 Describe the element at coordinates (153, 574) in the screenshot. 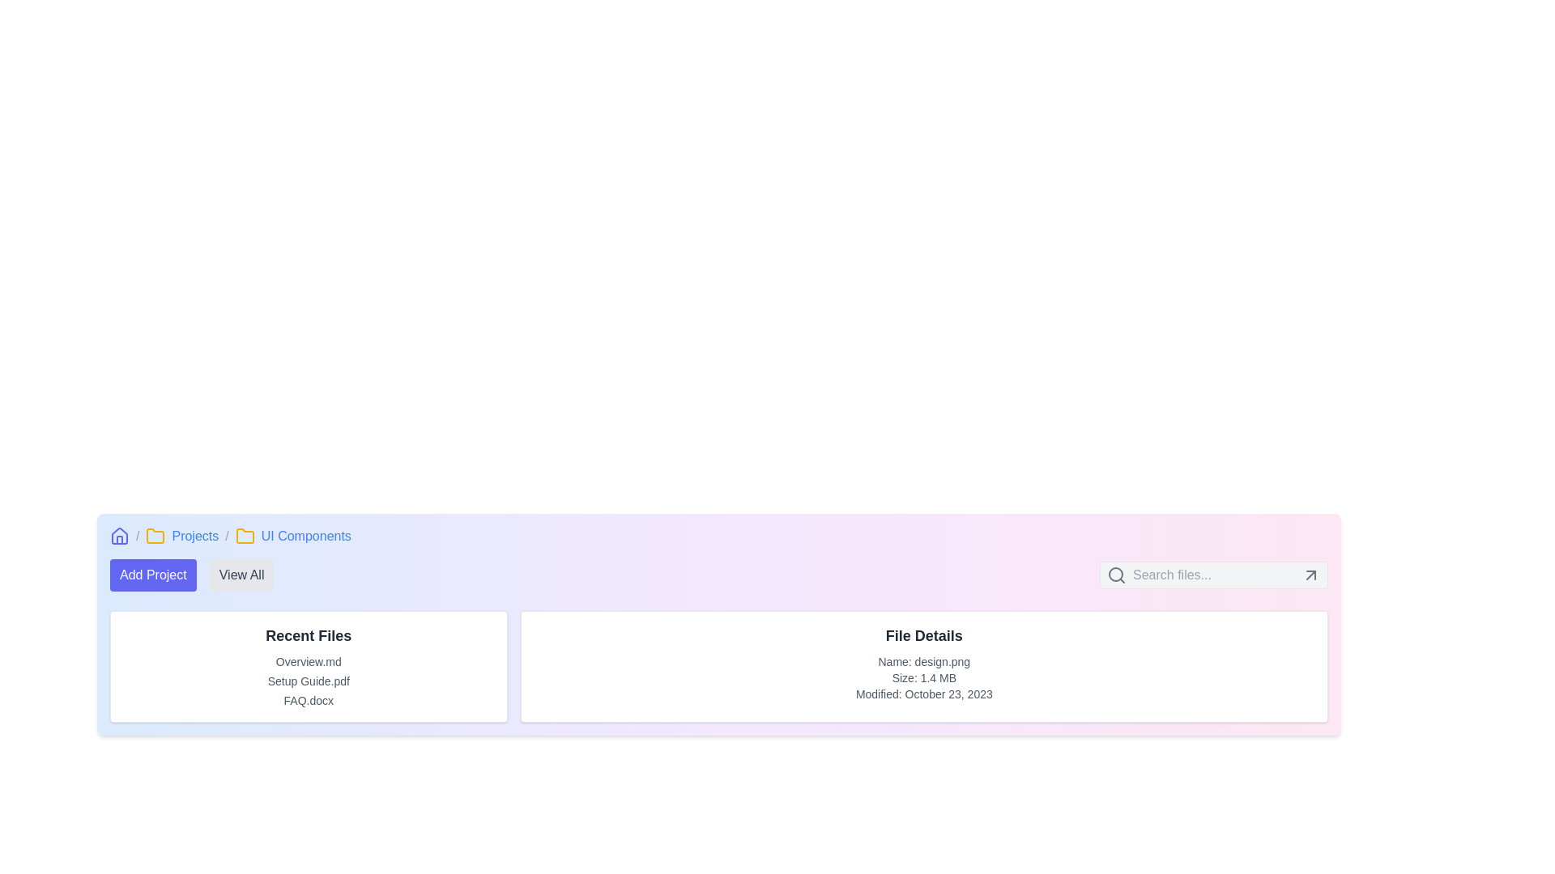

I see `the first button located to the left of the 'View All' button in the top-left region of the section to initiate the action of adding a new project` at that location.